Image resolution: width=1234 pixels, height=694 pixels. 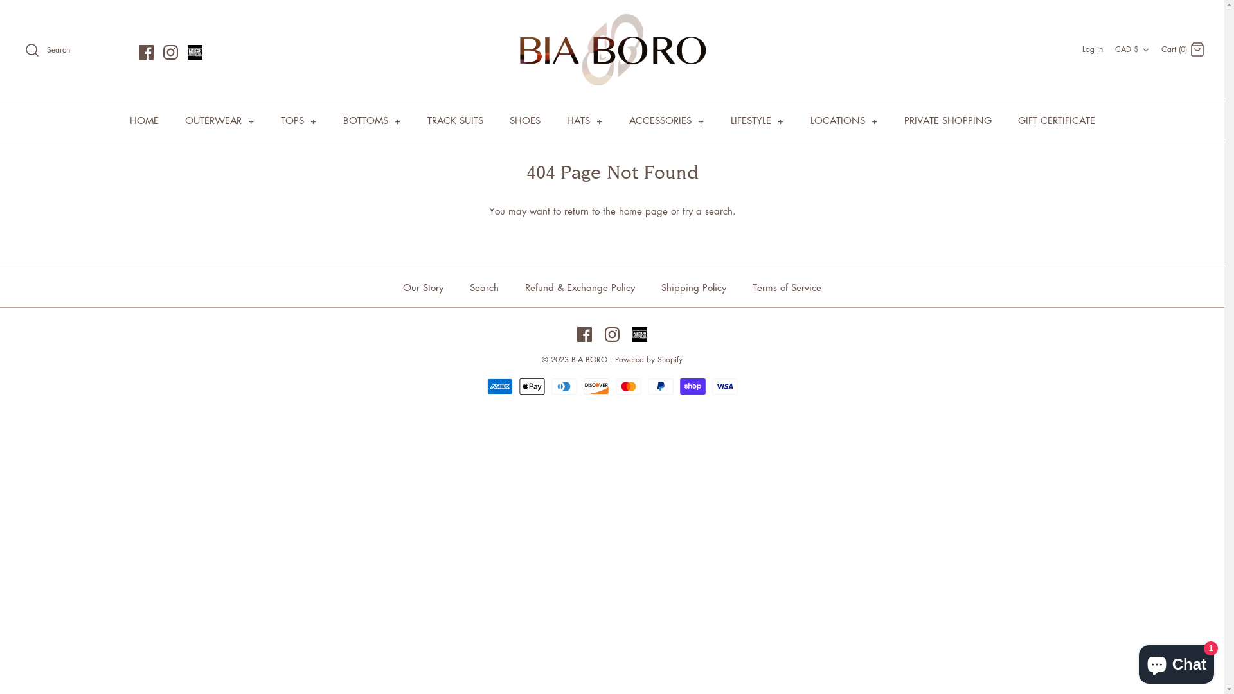 I want to click on 'PRIVATE SHOPPING', so click(x=947, y=120).